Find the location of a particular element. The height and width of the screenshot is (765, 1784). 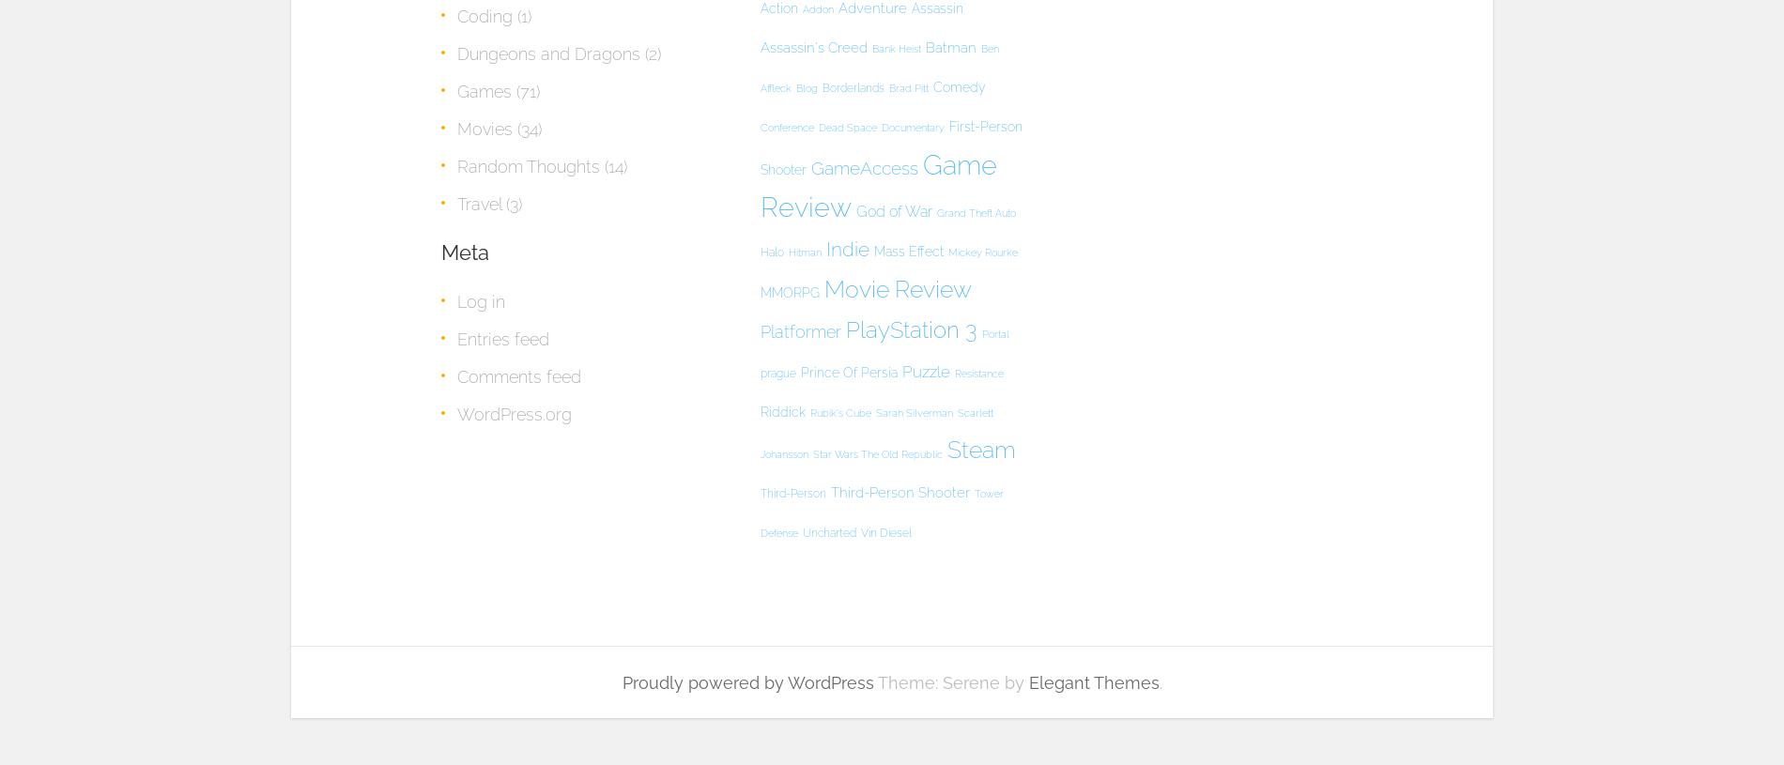

'Puzzle' is located at coordinates (926, 371).